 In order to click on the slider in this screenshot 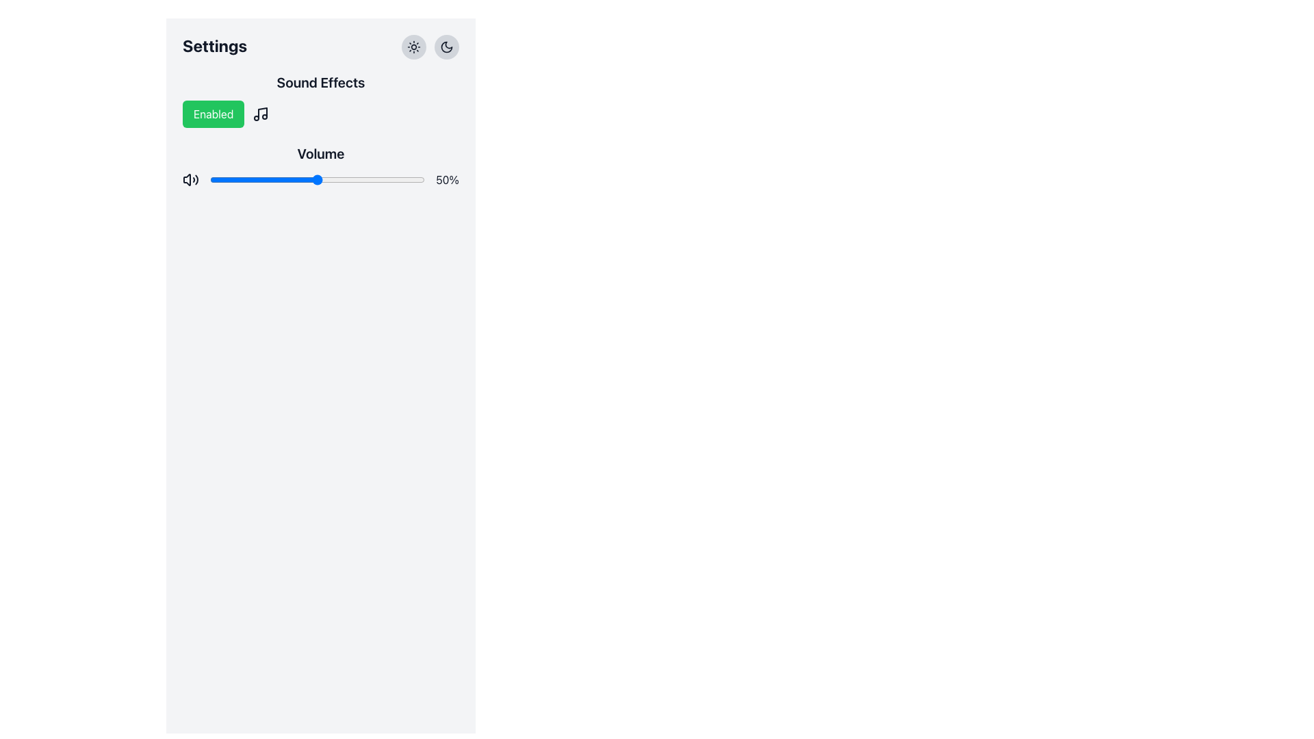, I will do `click(383, 179)`.